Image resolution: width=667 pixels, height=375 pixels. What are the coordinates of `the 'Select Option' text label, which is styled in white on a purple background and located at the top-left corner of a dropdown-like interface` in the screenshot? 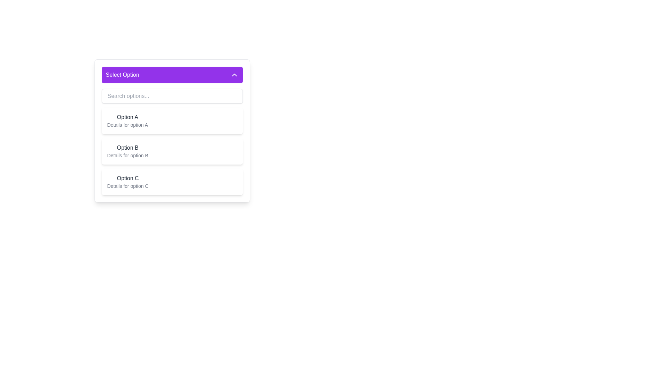 It's located at (122, 75).